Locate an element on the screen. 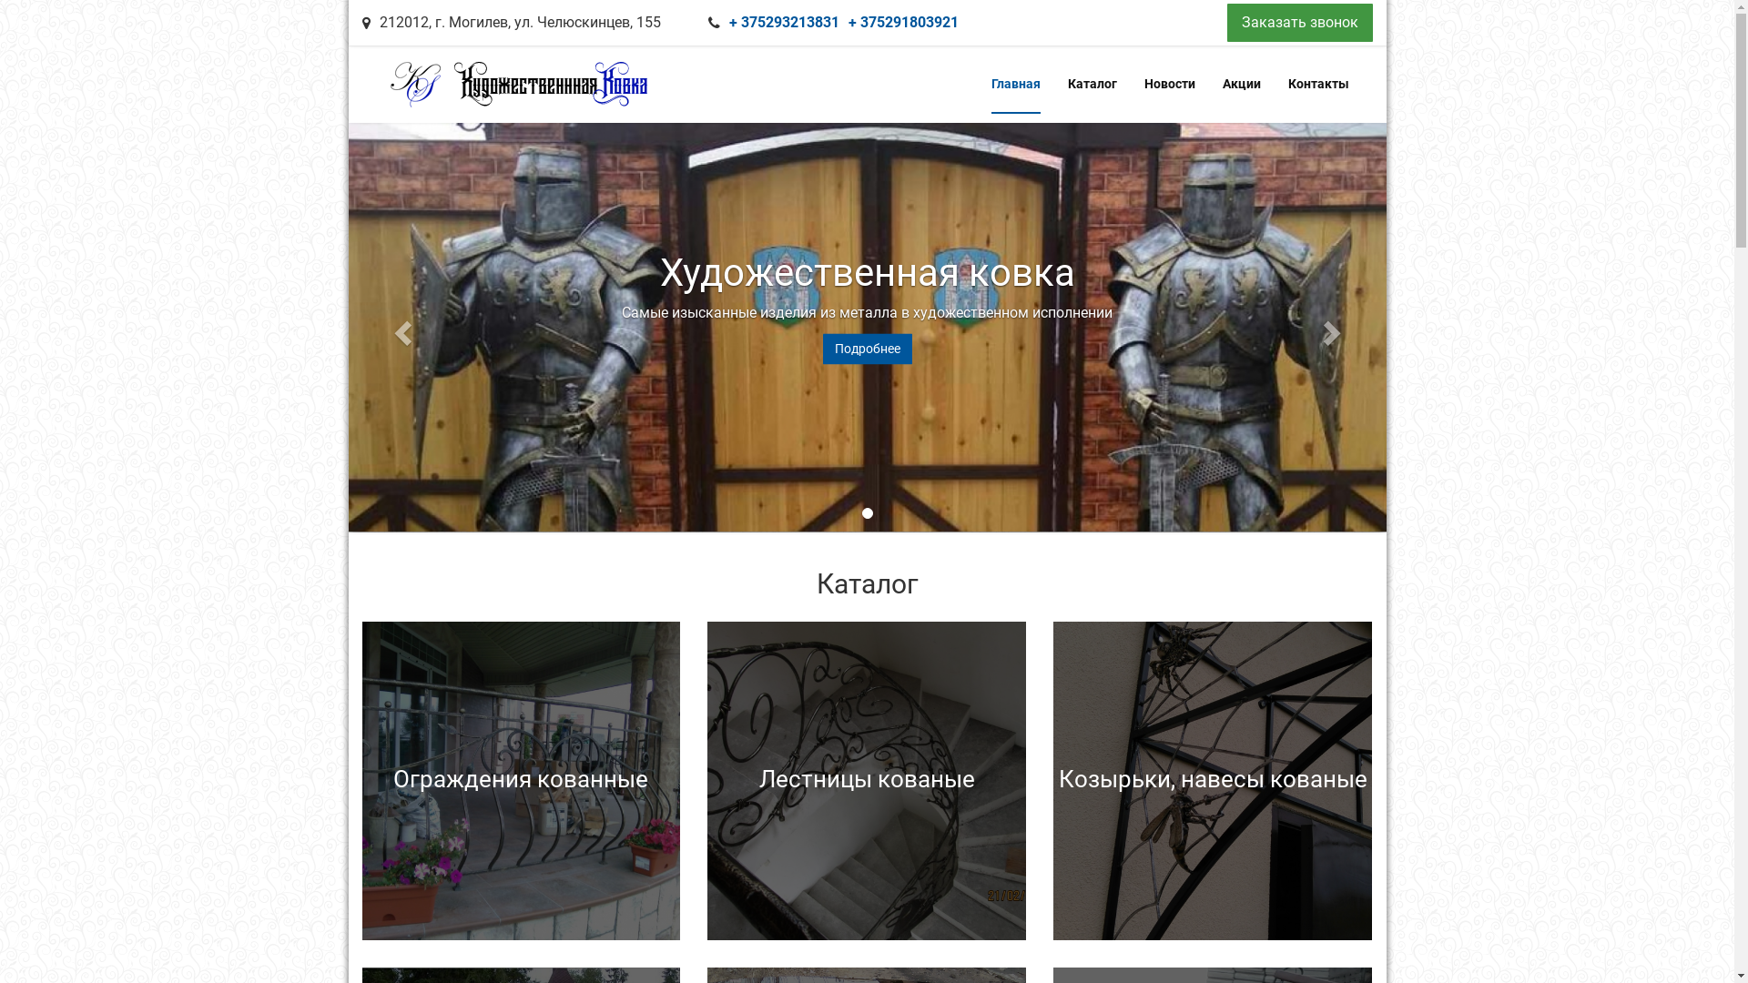  '+ 375291803921' is located at coordinates (903, 22).